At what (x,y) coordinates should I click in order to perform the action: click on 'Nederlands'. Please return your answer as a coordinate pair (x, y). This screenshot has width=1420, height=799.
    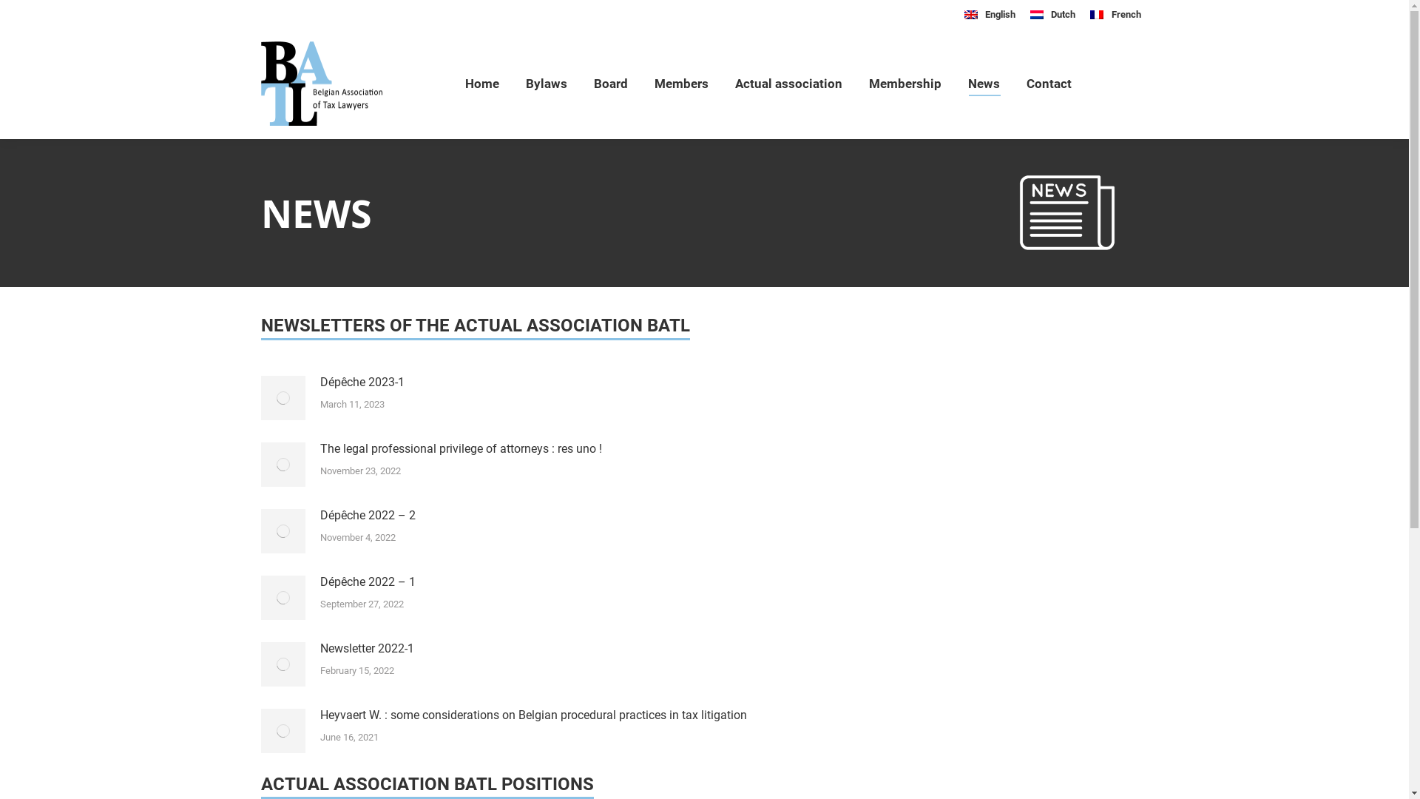
    Looking at the image, I should click on (1035, 14).